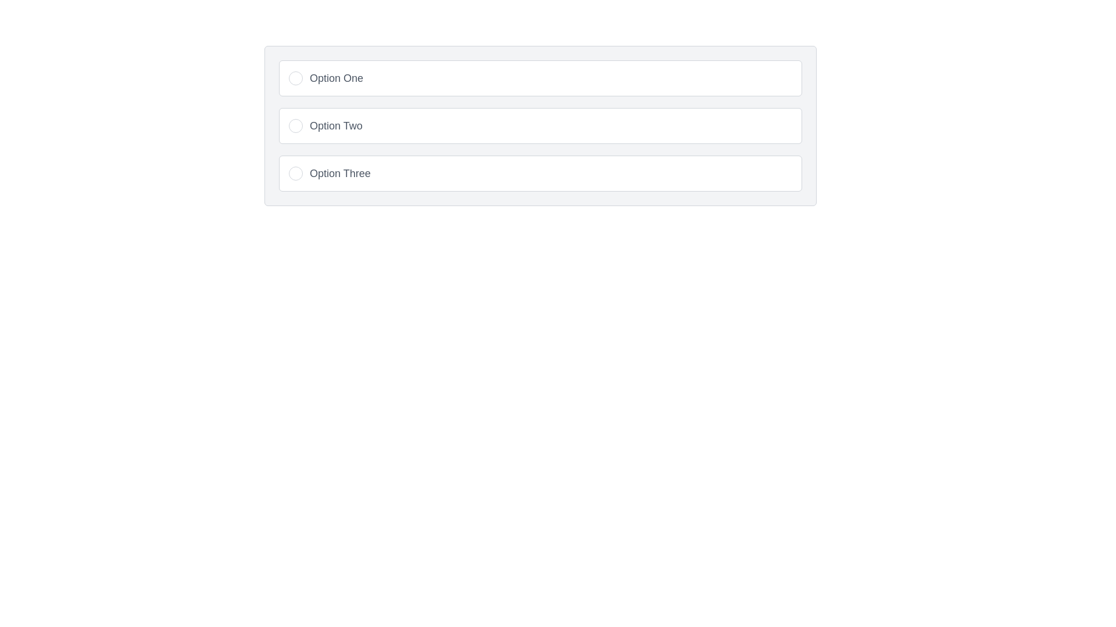  Describe the element at coordinates (540, 125) in the screenshot. I see `the radio button option labeled 'Option Two'` at that location.